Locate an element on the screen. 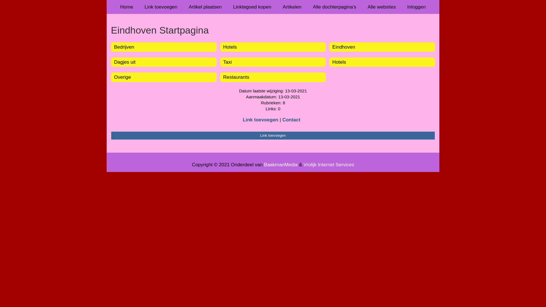 This screenshot has width=546, height=307. 'Artikel plaatsen' is located at coordinates (205, 7).